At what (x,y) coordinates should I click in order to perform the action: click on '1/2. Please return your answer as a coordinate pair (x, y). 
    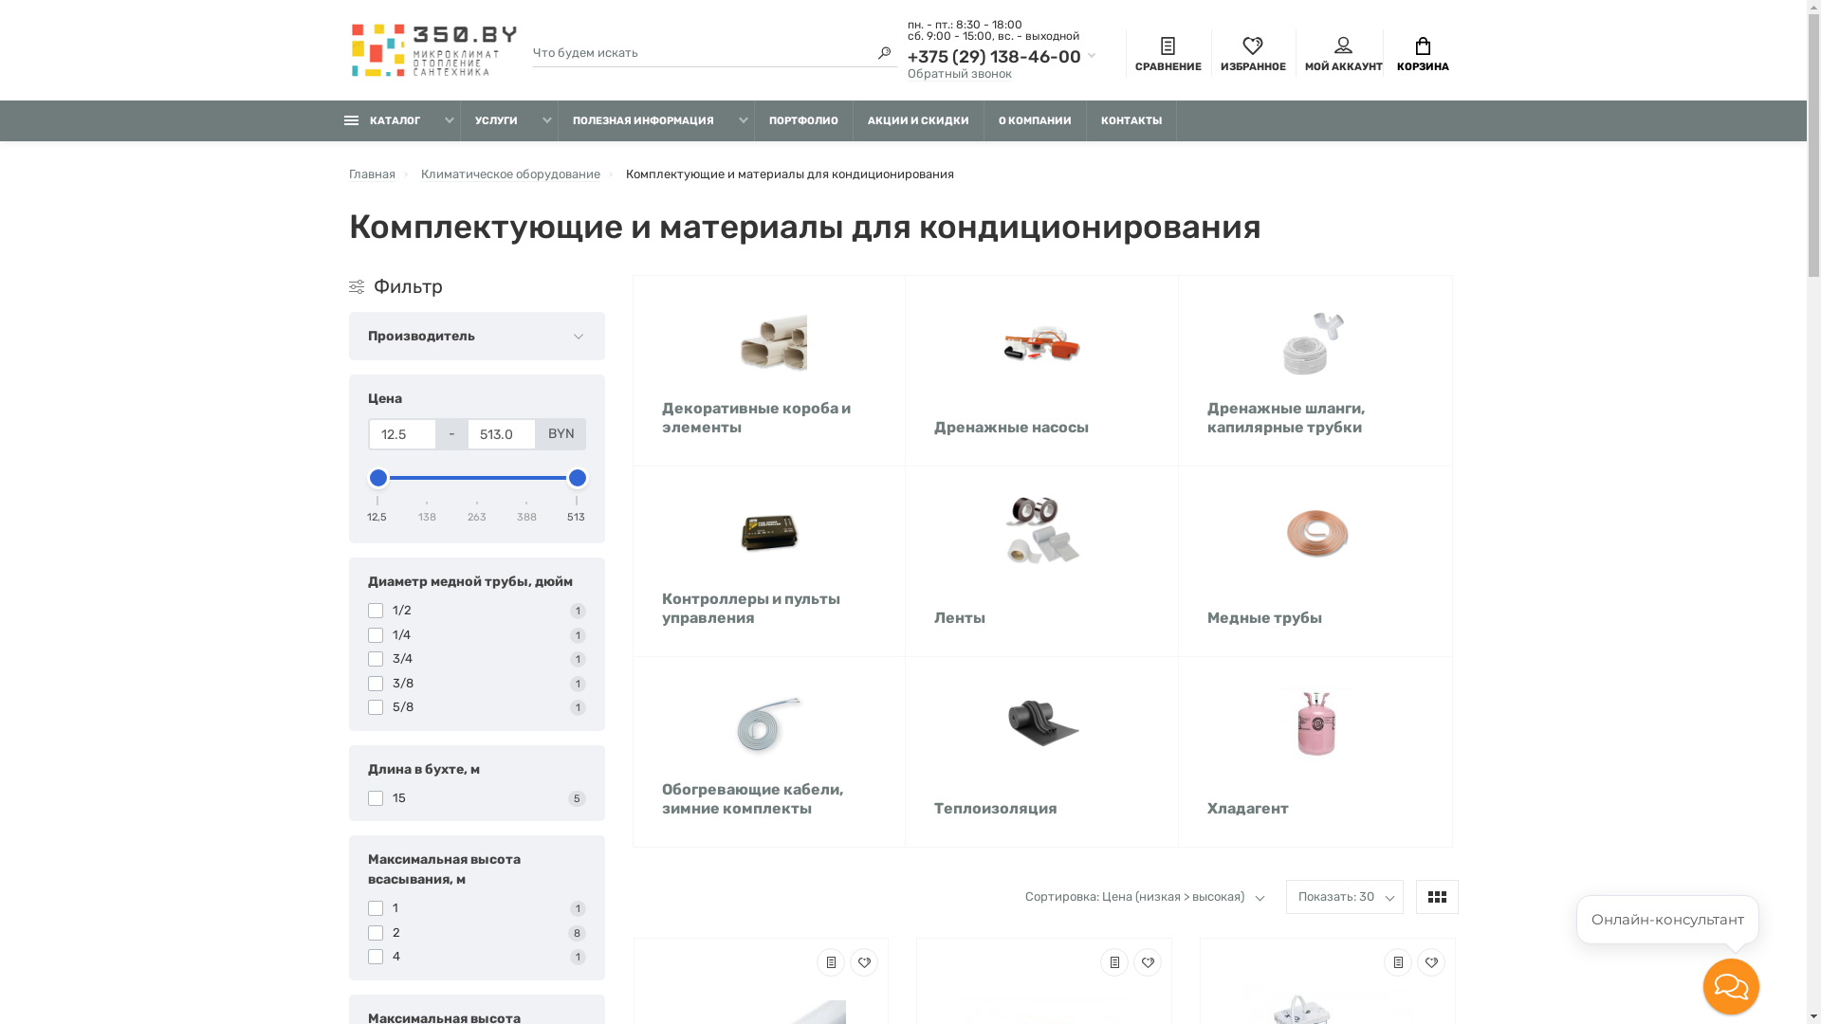
    Looking at the image, I should click on (477, 611).